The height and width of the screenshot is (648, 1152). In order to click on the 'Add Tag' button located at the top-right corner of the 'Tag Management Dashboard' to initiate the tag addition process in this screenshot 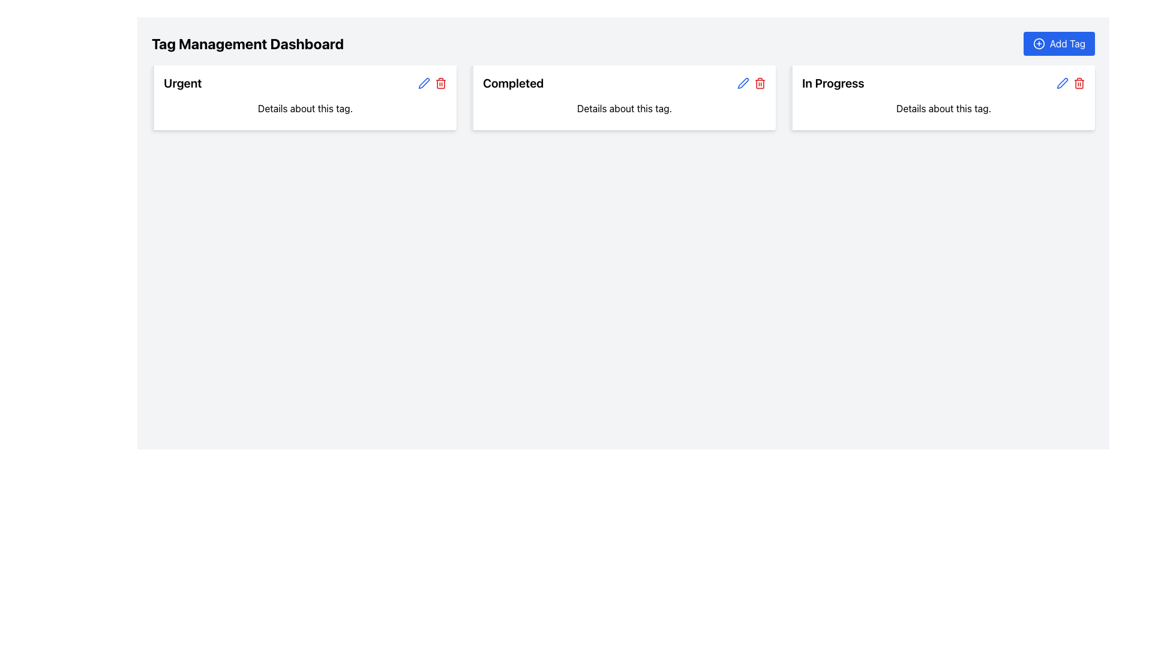, I will do `click(1059, 43)`.